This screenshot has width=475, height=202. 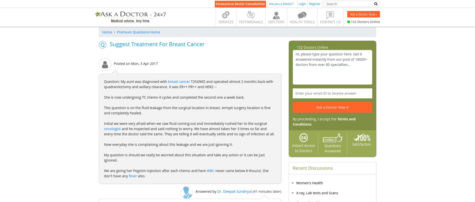 What do you see at coordinates (174, 97) in the screenshot?
I see `'She is now undergoing TC chemo 4 cycles and completed the second one a week back.'` at bounding box center [174, 97].